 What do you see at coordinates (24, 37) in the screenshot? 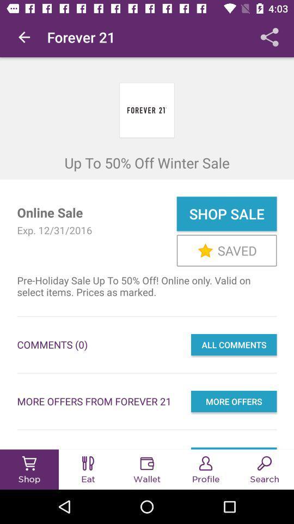
I see `the app to the left of forever 21 item` at bounding box center [24, 37].